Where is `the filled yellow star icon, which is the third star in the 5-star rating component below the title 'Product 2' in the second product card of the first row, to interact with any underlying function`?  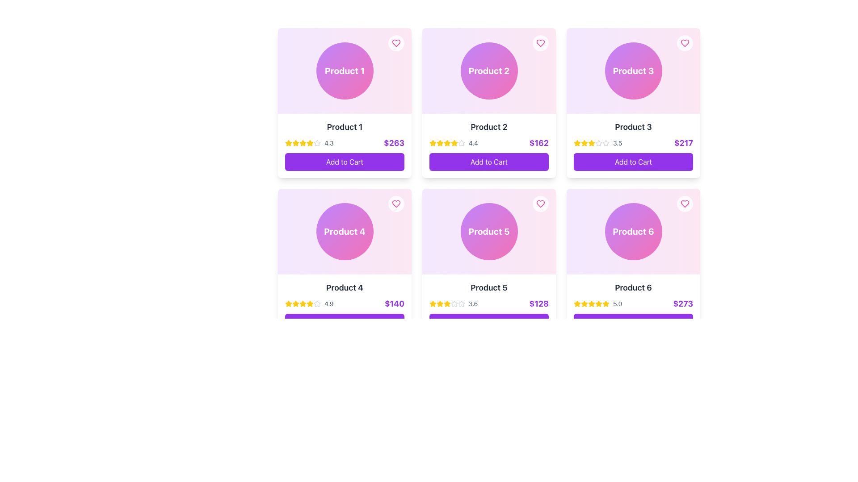 the filled yellow star icon, which is the third star in the 5-star rating component below the title 'Product 2' in the second product card of the first row, to interact with any underlying function is located at coordinates (440, 142).